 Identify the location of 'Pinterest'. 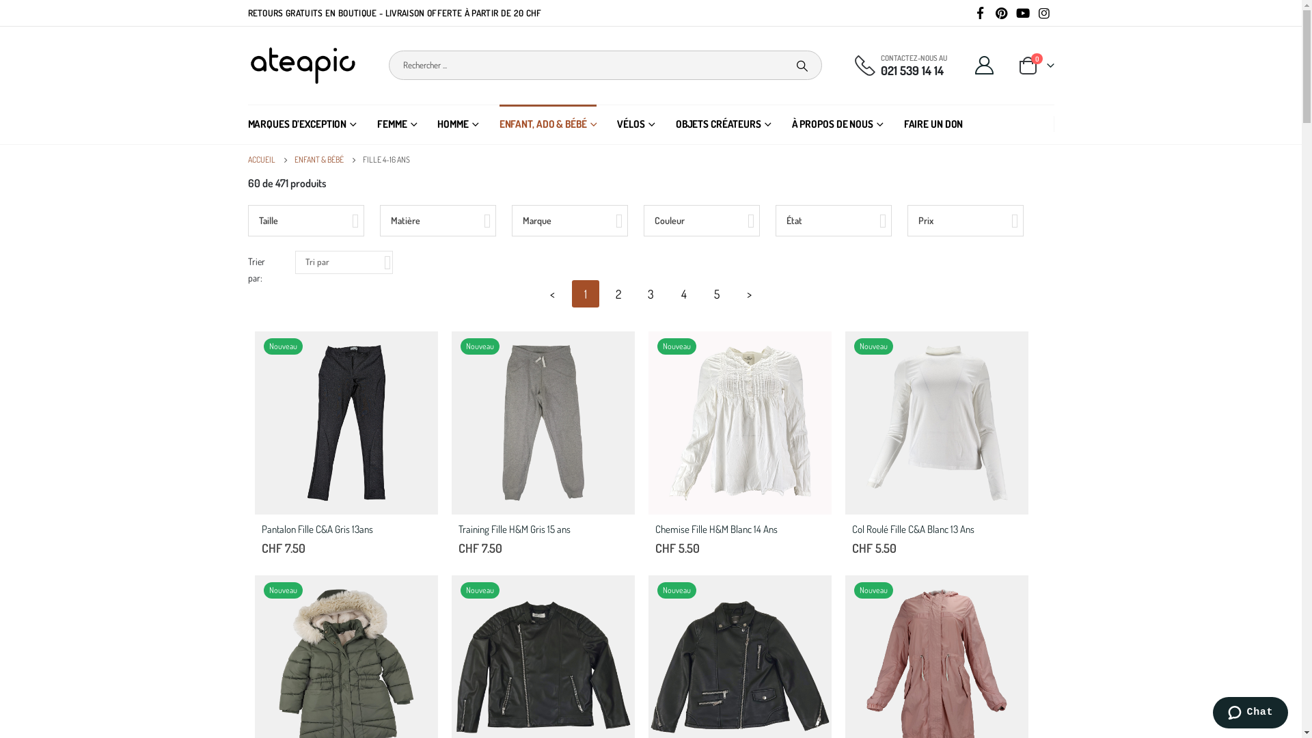
(1001, 13).